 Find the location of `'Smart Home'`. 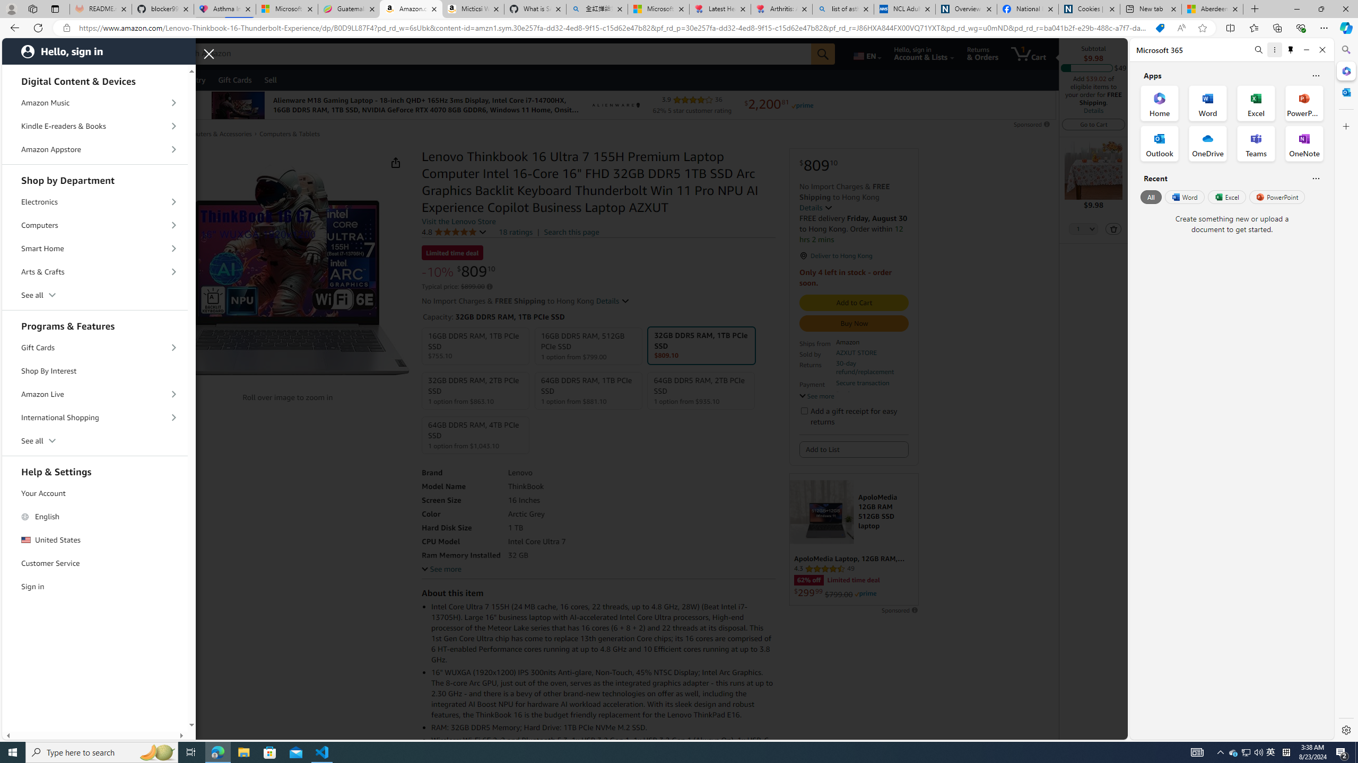

'Smart Home' is located at coordinates (95, 249).